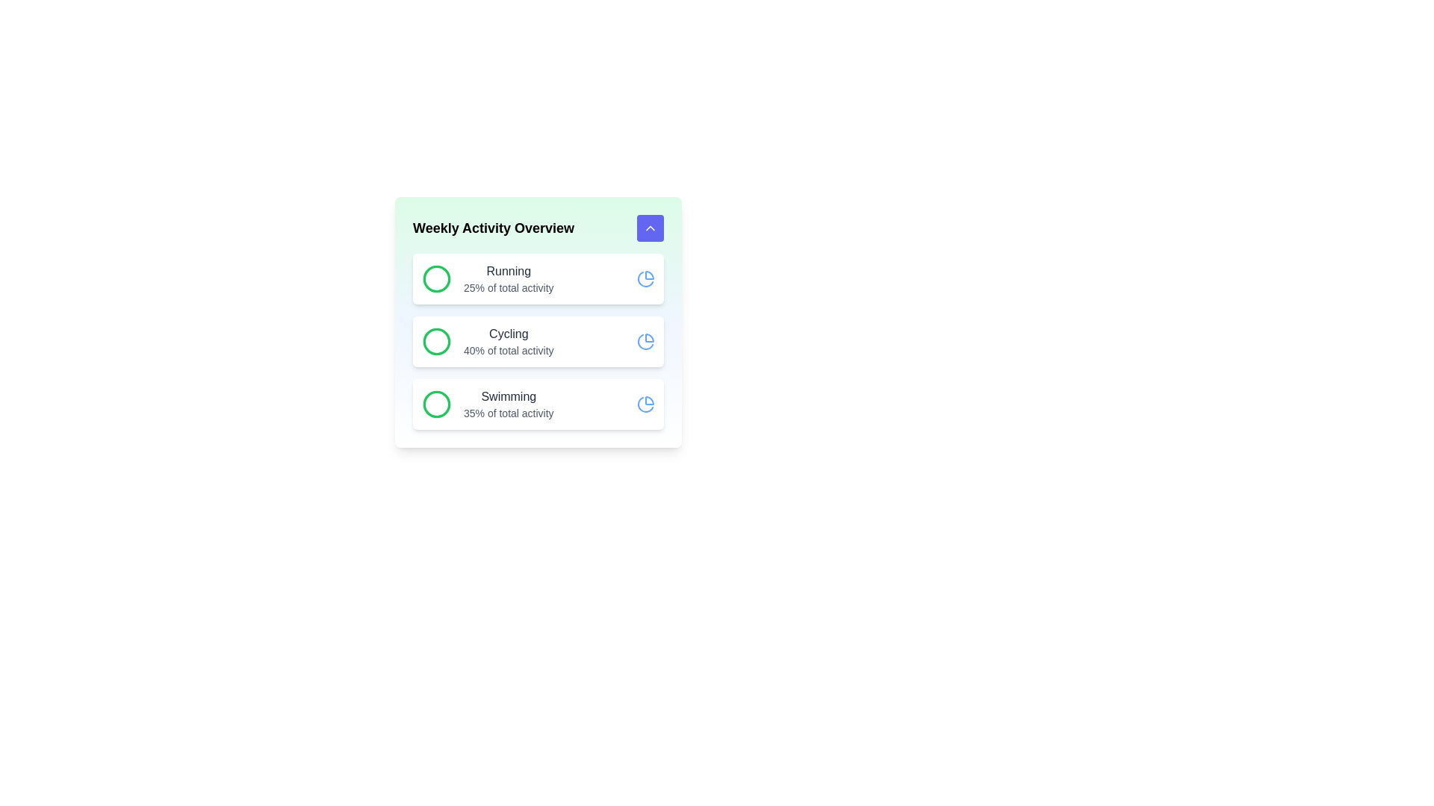 This screenshot has height=806, width=1434. What do you see at coordinates (509, 413) in the screenshot?
I see `the informational text label indicating '35%' related to 'Swimming', which is located beneath the 'Swimming' label in the Weekly Activity Overview section` at bounding box center [509, 413].